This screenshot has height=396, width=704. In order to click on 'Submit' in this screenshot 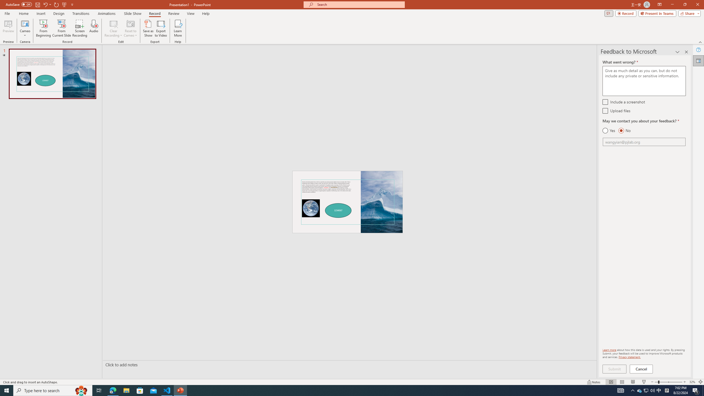, I will do `click(614, 369)`.